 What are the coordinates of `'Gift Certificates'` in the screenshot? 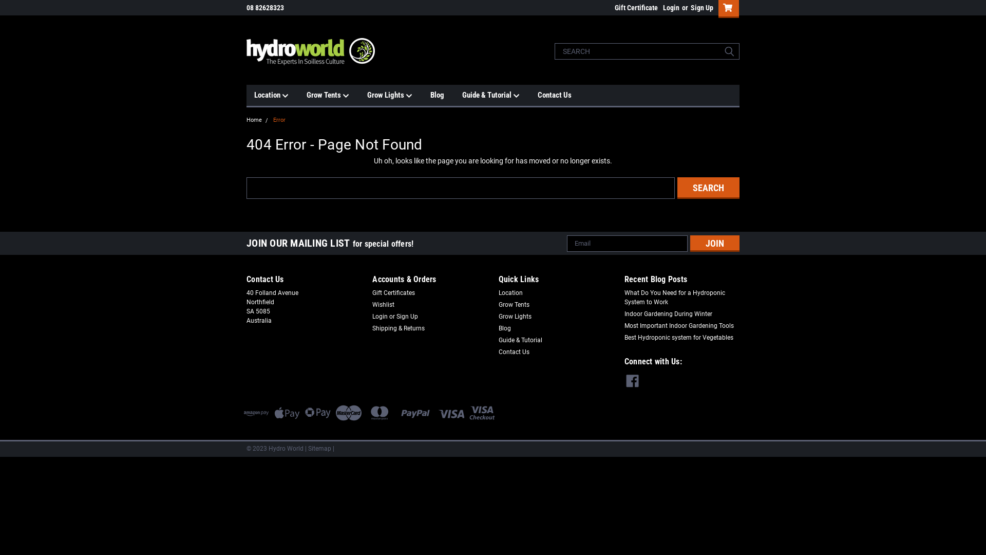 It's located at (393, 292).